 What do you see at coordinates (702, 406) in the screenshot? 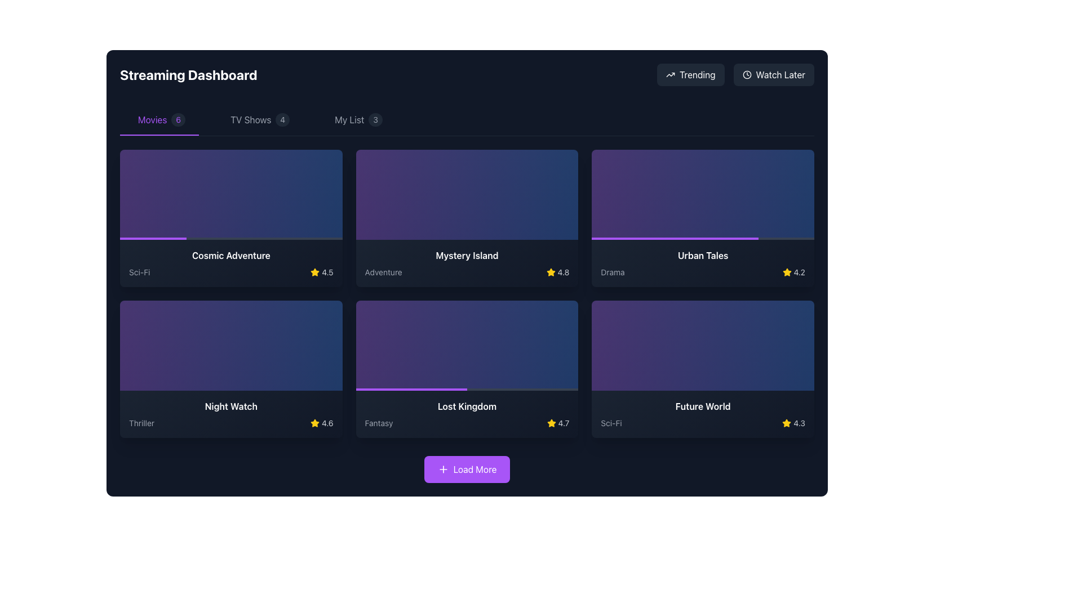
I see `the 'Future World' text label, which is styled in bold white on a dark background, located in the lower right card of the grid layout, above the 'Load More' button` at bounding box center [702, 406].